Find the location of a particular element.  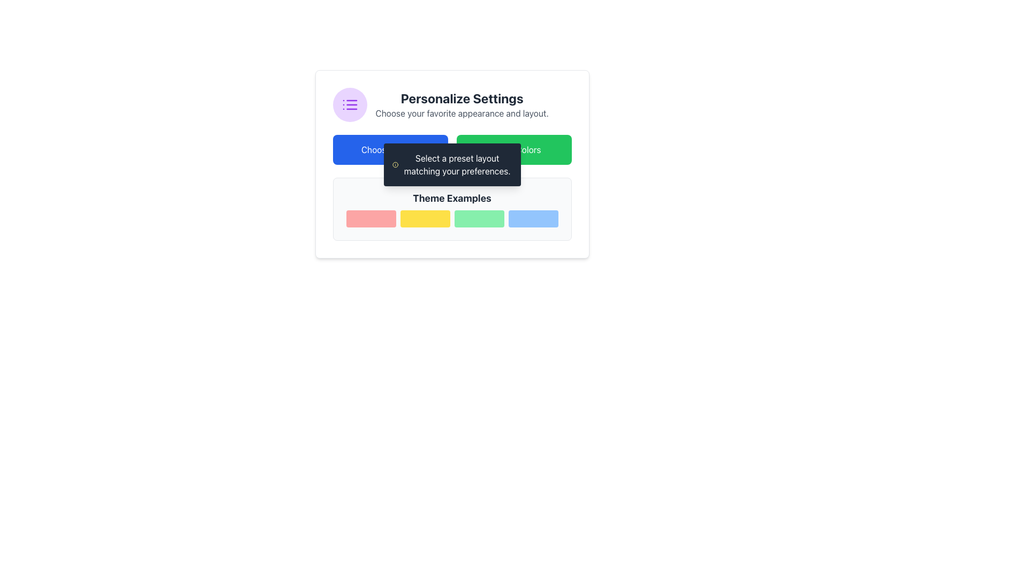

the Informational Header that says 'Personalize Settings' with subtext 'Choose your favorite appearance and layout.' is located at coordinates (452, 105).